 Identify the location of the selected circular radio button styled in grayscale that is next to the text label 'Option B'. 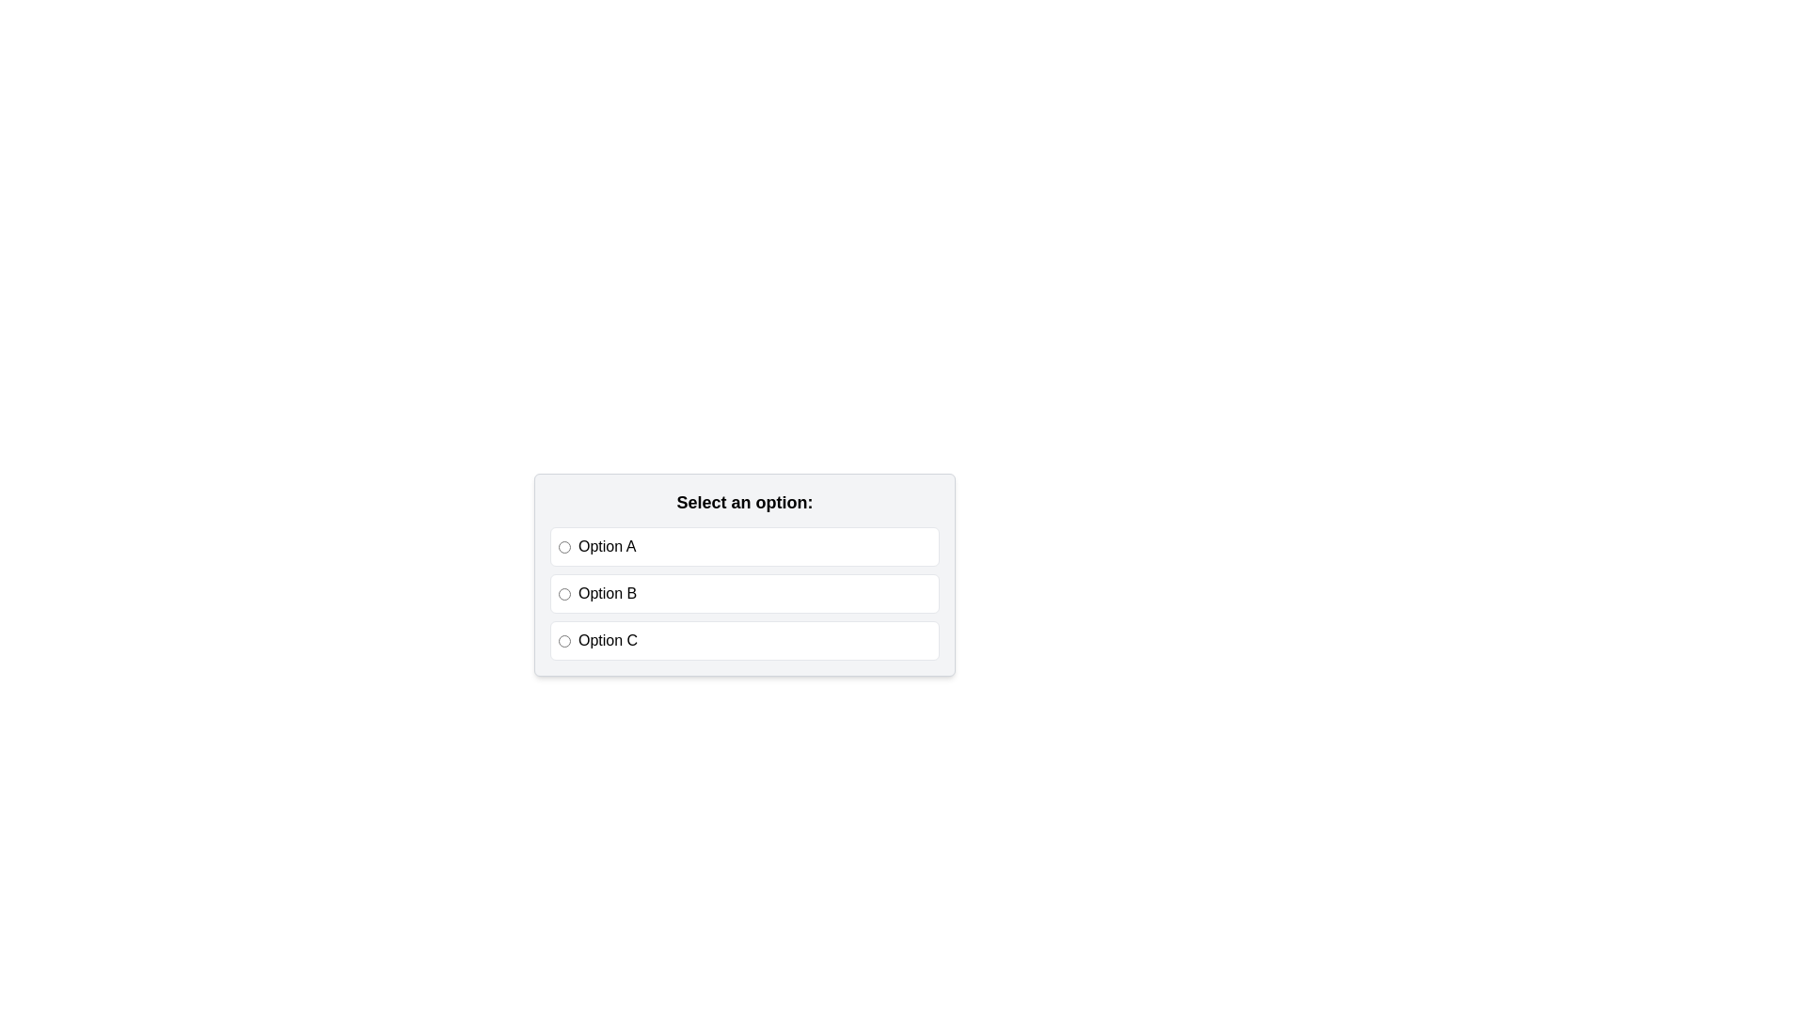
(563, 594).